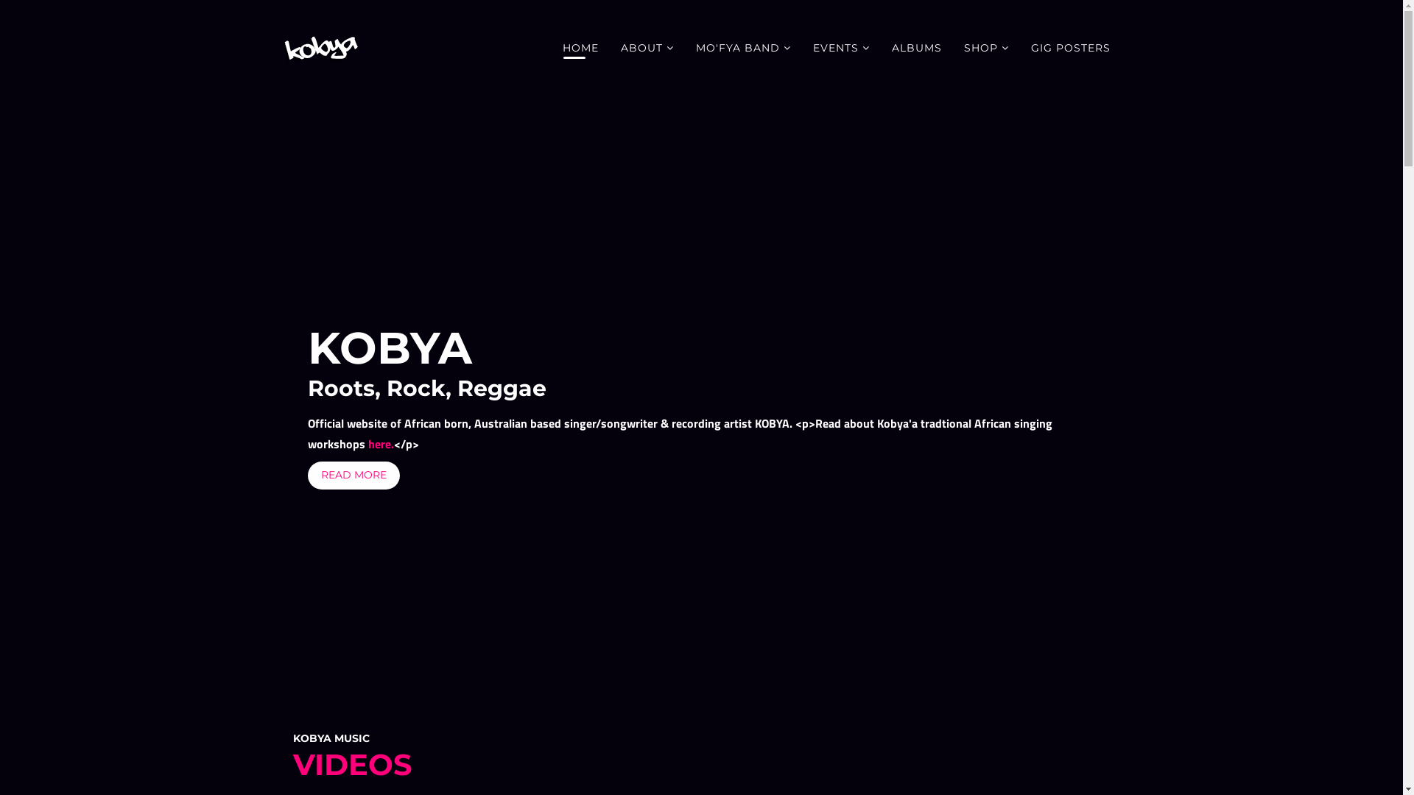 This screenshot has height=795, width=1414. Describe the element at coordinates (1070, 47) in the screenshot. I see `'GIG POSTERS'` at that location.